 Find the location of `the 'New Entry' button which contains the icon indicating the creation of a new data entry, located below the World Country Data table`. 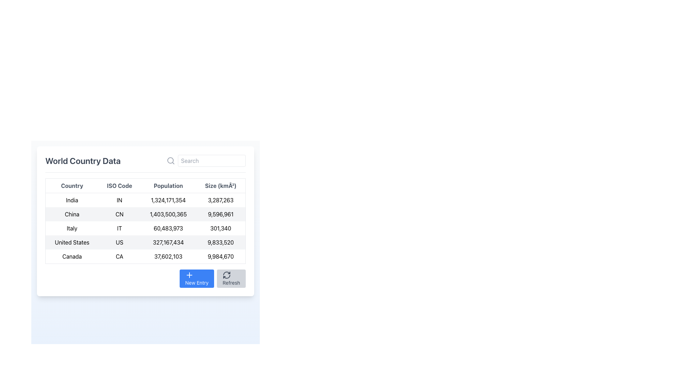

the 'New Entry' button which contains the icon indicating the creation of a new data entry, located below the World Country Data table is located at coordinates (189, 275).